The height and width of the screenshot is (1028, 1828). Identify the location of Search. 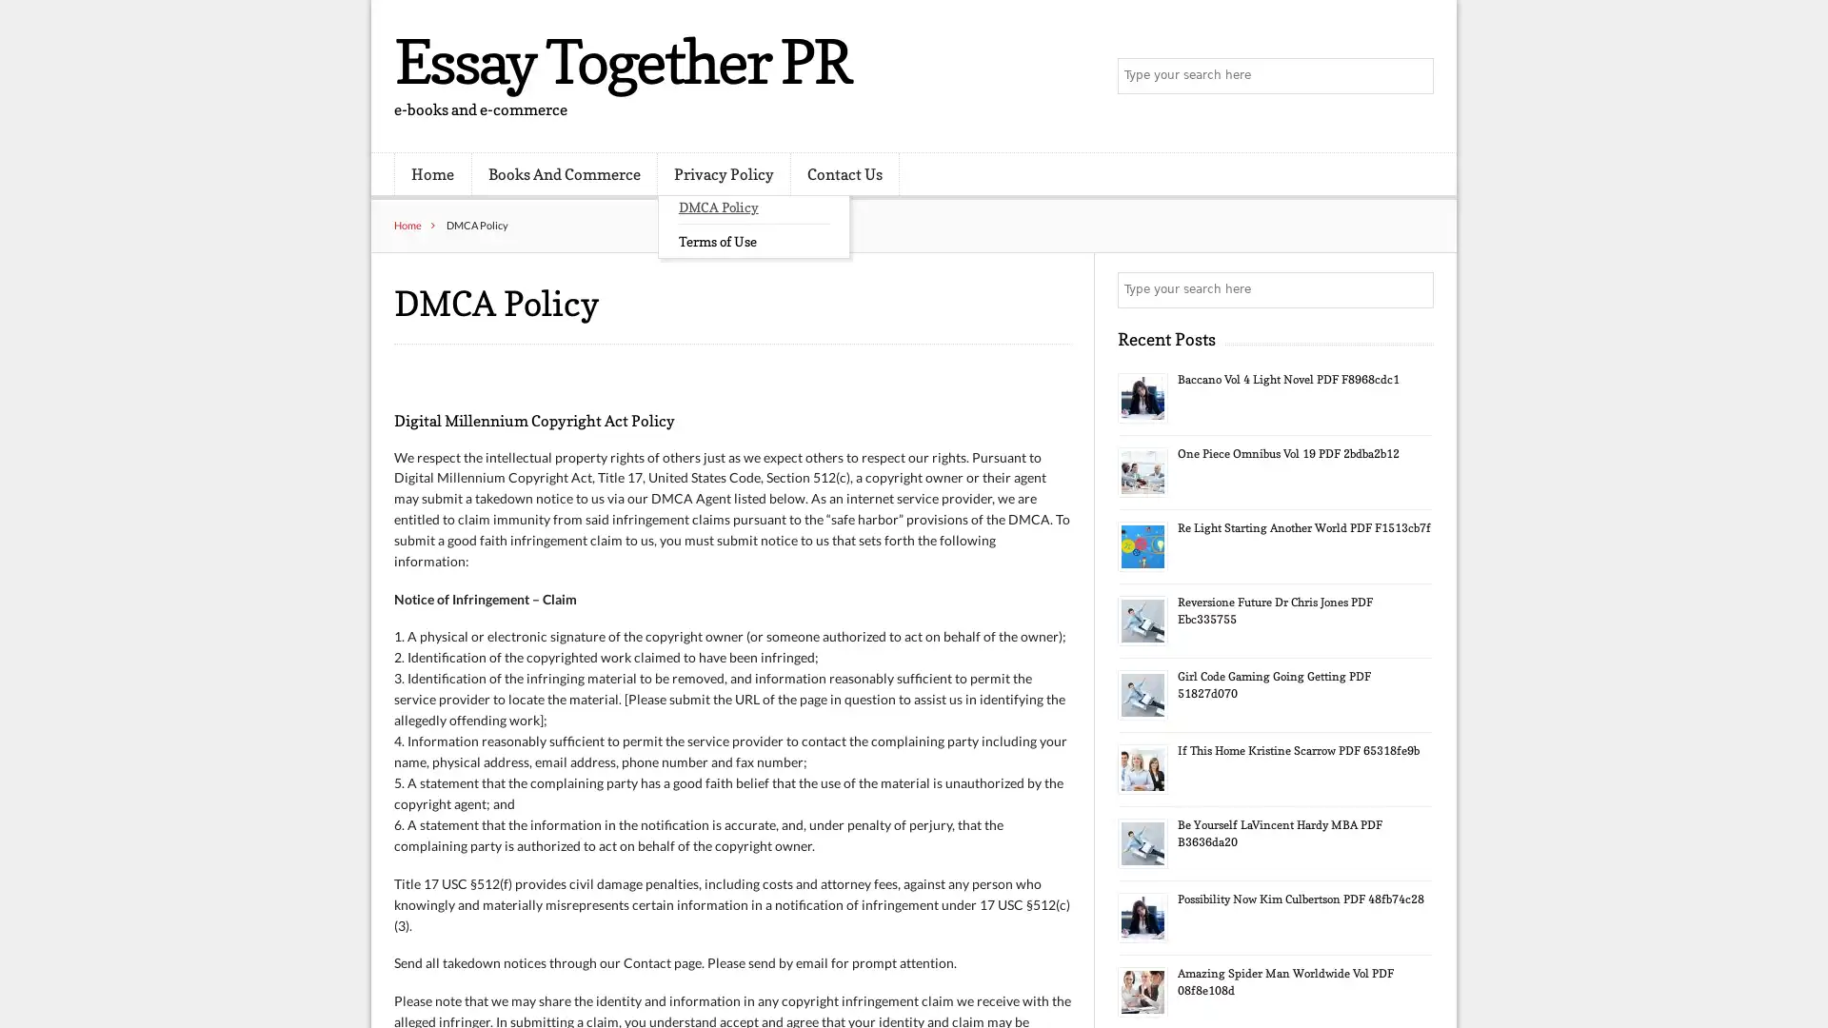
(1414, 289).